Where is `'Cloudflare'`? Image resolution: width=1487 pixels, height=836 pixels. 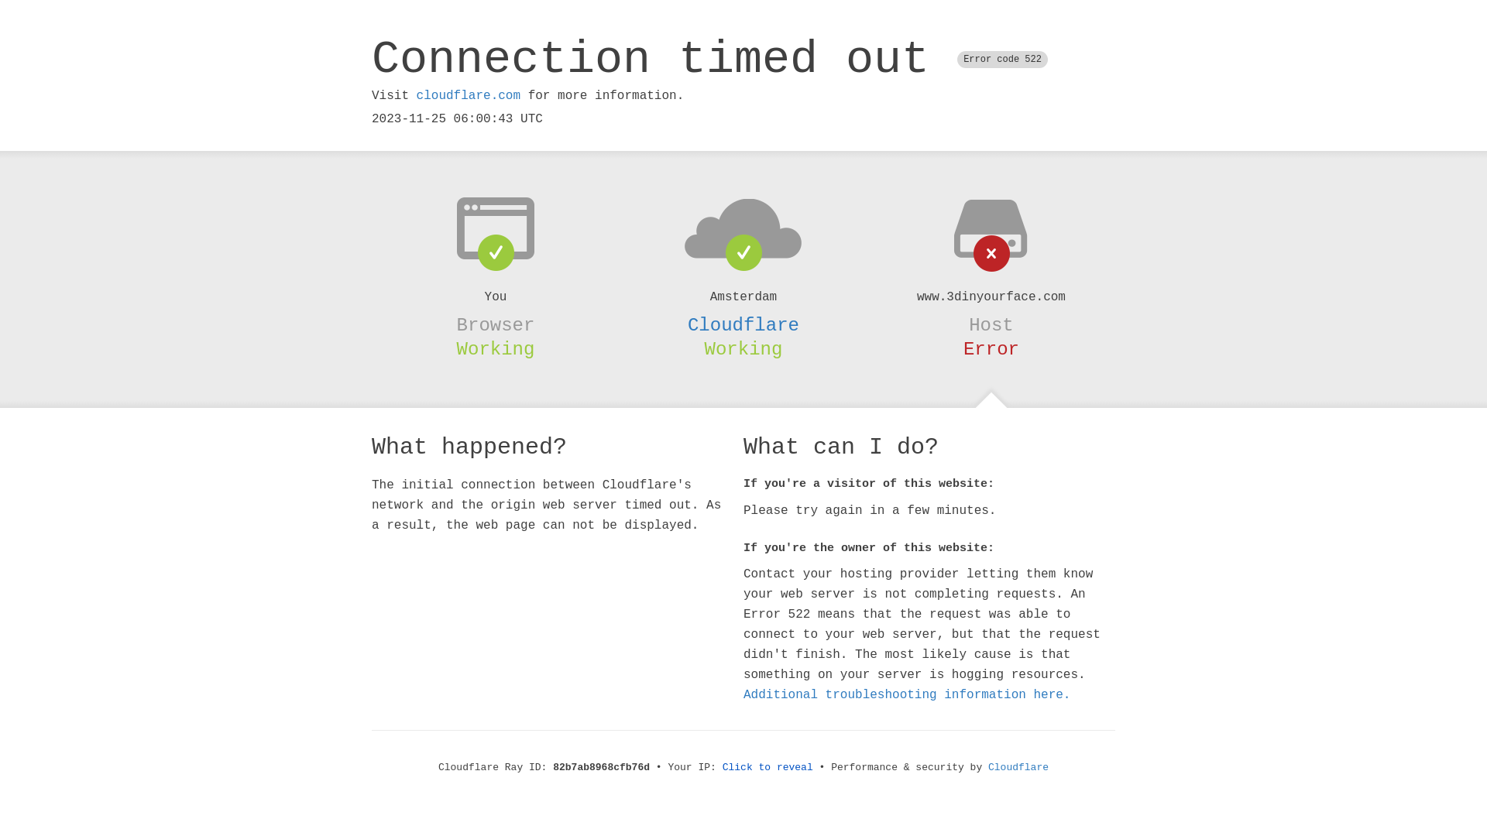
'Cloudflare' is located at coordinates (743, 324).